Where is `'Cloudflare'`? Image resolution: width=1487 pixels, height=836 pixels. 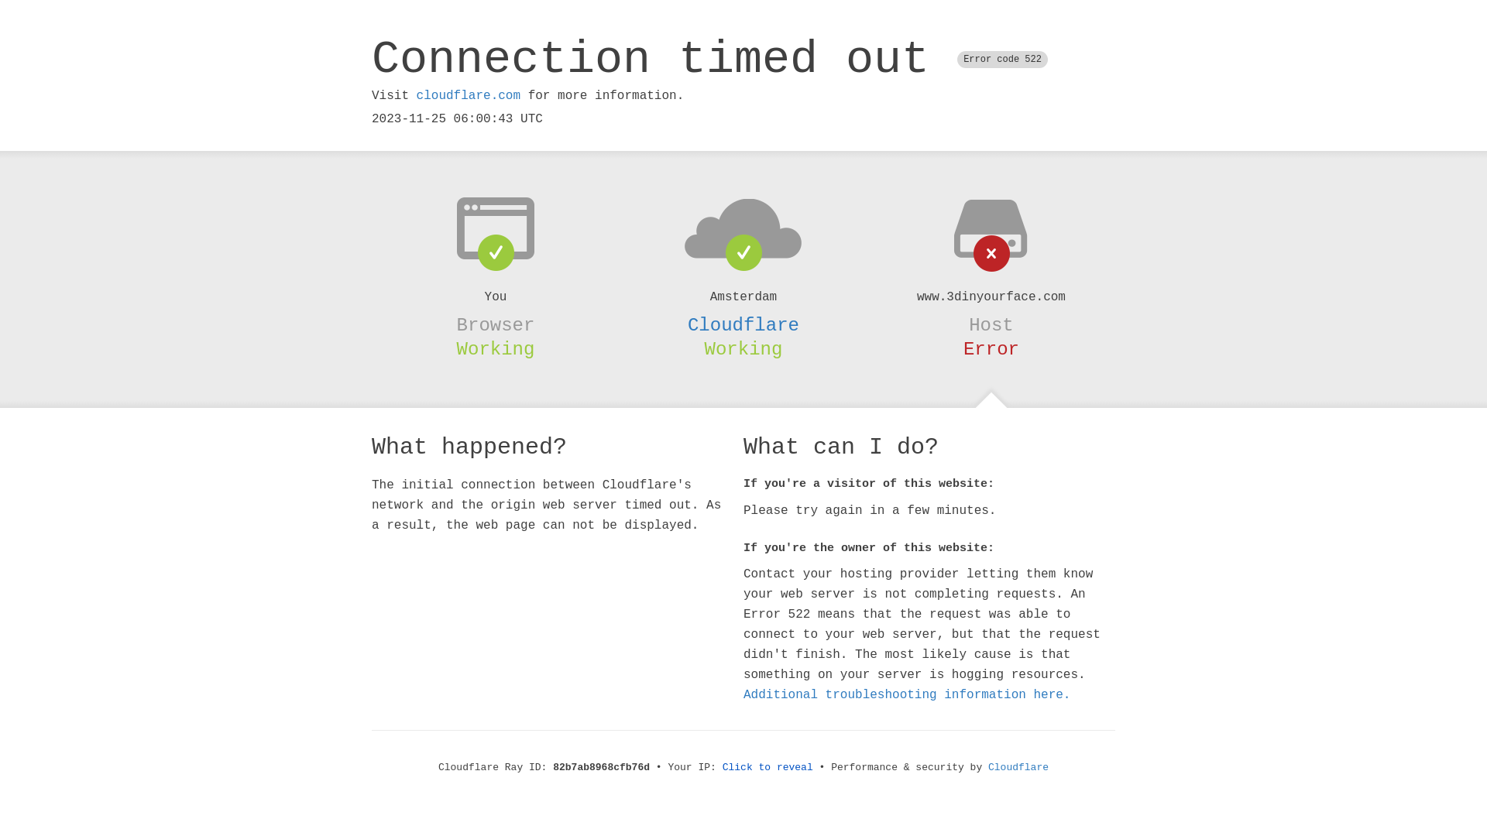
'Cloudflare' is located at coordinates (743, 324).